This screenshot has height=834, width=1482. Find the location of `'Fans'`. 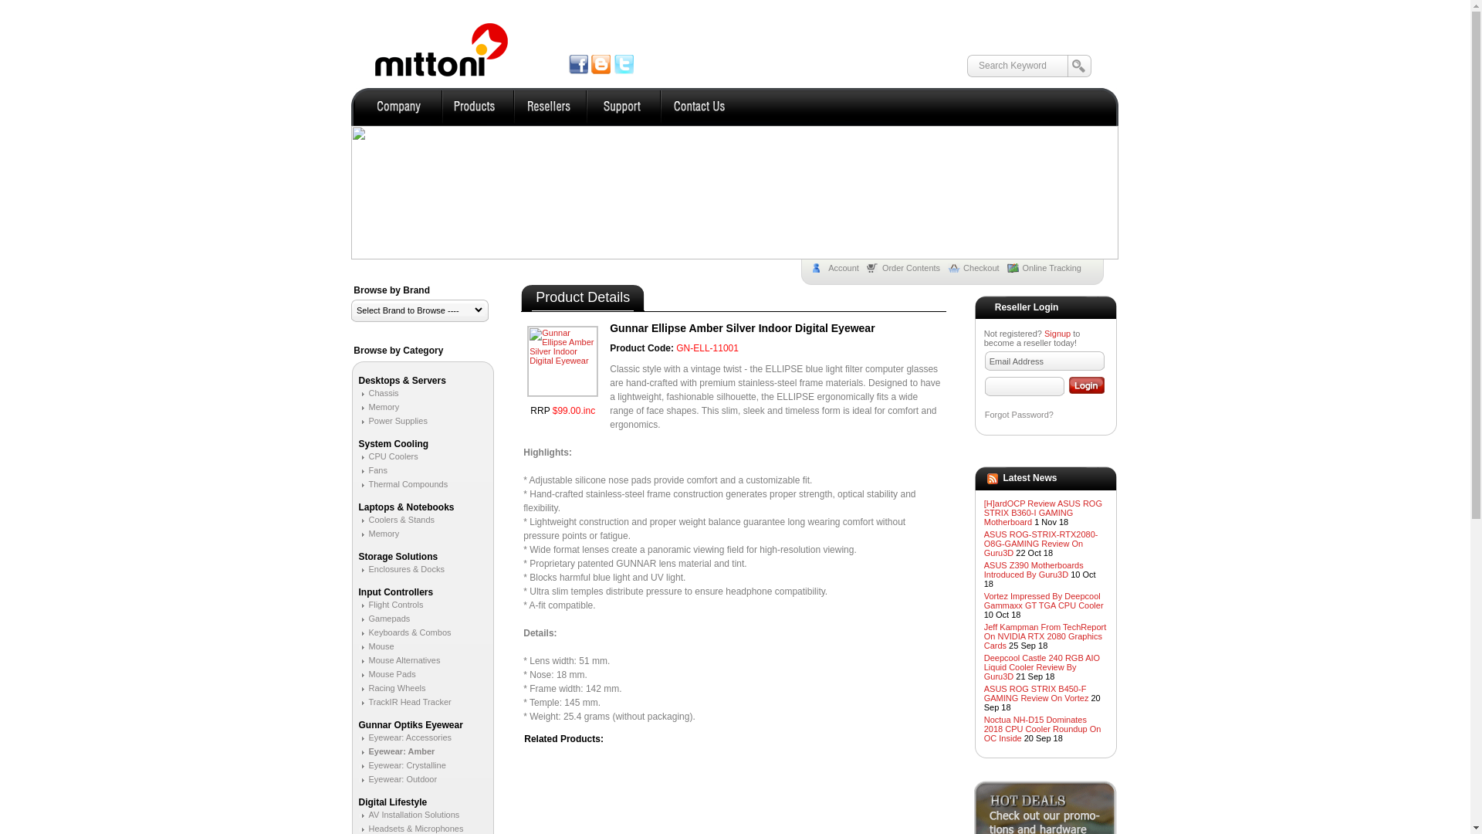

'Fans' is located at coordinates (372, 470).